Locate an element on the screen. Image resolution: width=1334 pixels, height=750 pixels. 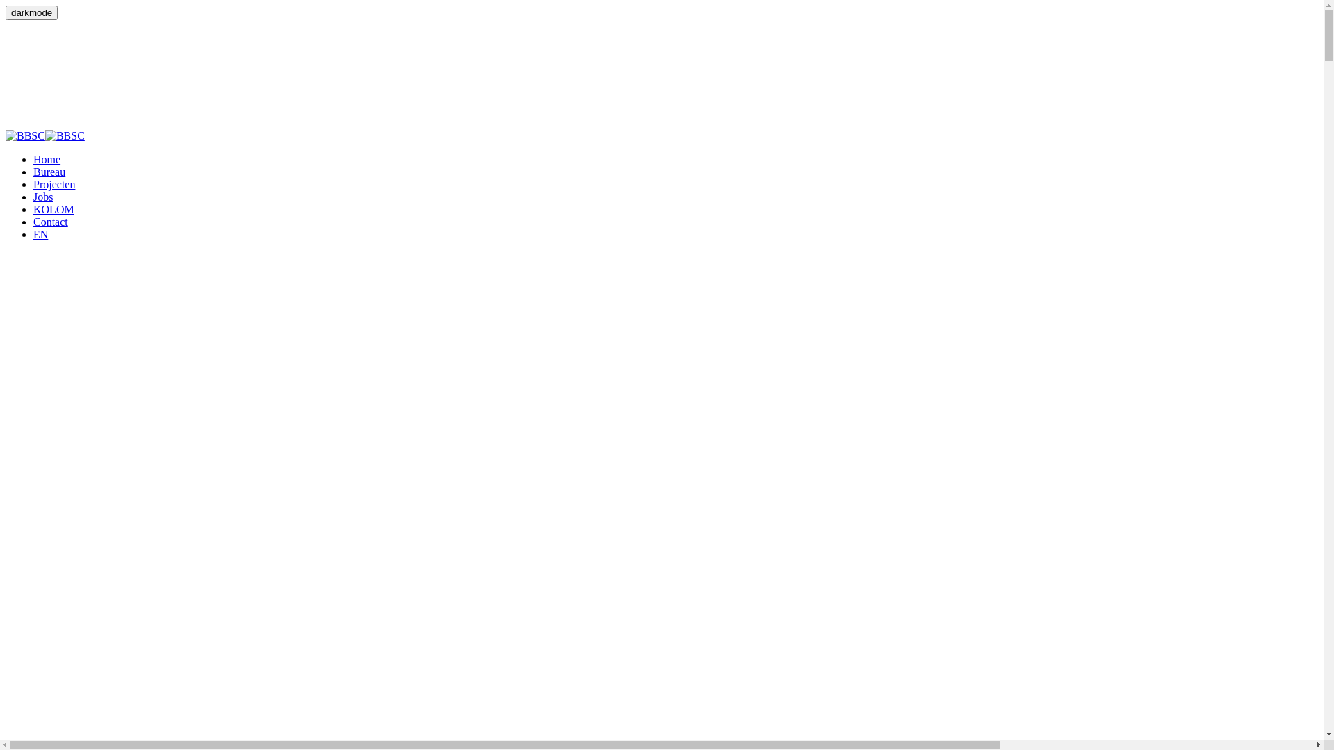
'EN' is located at coordinates (40, 233).